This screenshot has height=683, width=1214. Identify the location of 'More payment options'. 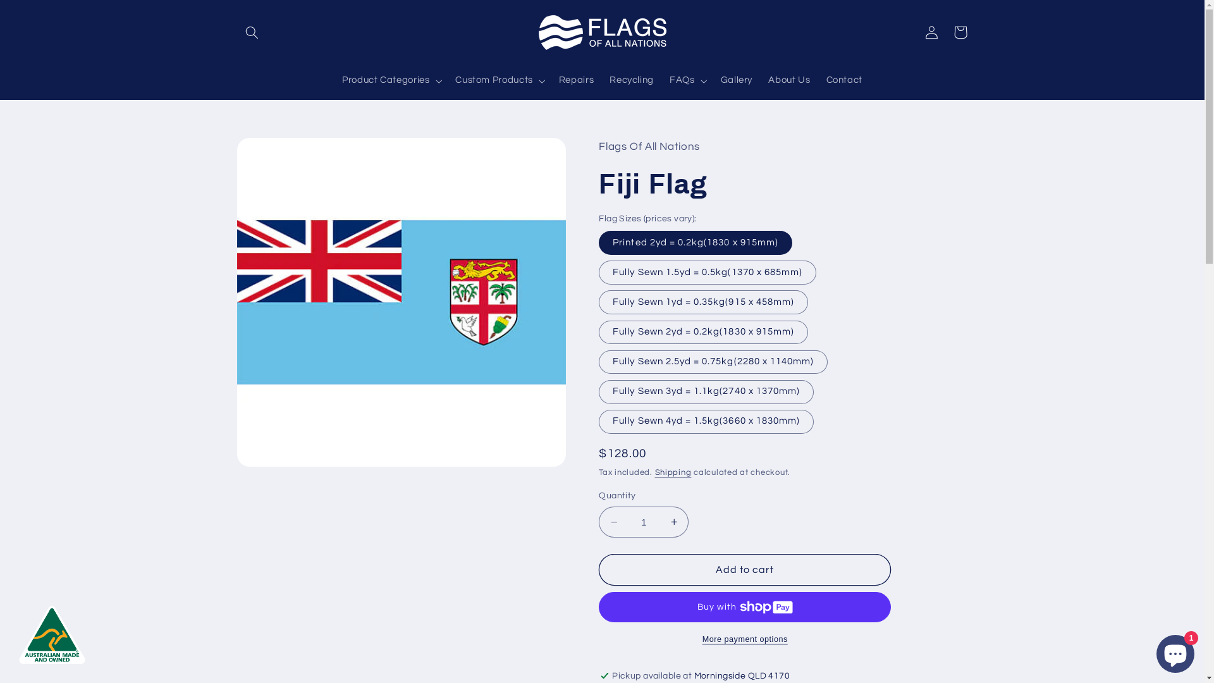
(744, 639).